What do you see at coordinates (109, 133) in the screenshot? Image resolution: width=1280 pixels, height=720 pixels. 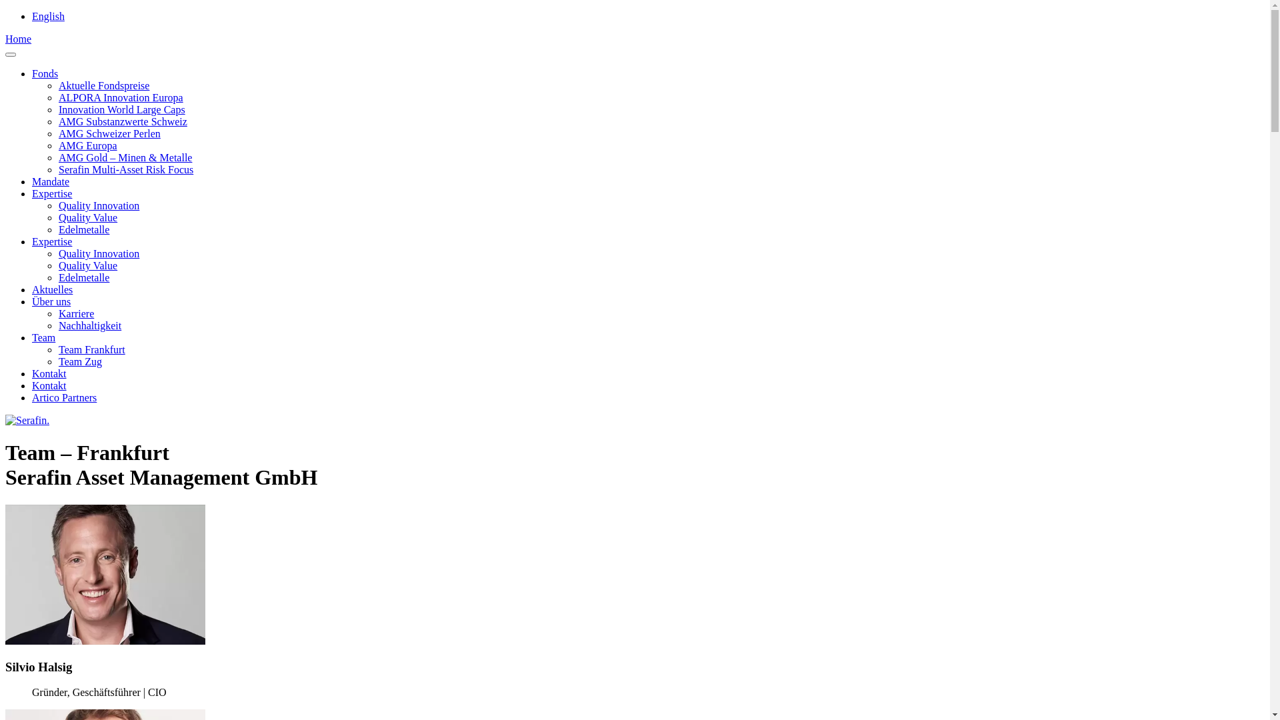 I see `'AMG Schweizer Perlen'` at bounding box center [109, 133].